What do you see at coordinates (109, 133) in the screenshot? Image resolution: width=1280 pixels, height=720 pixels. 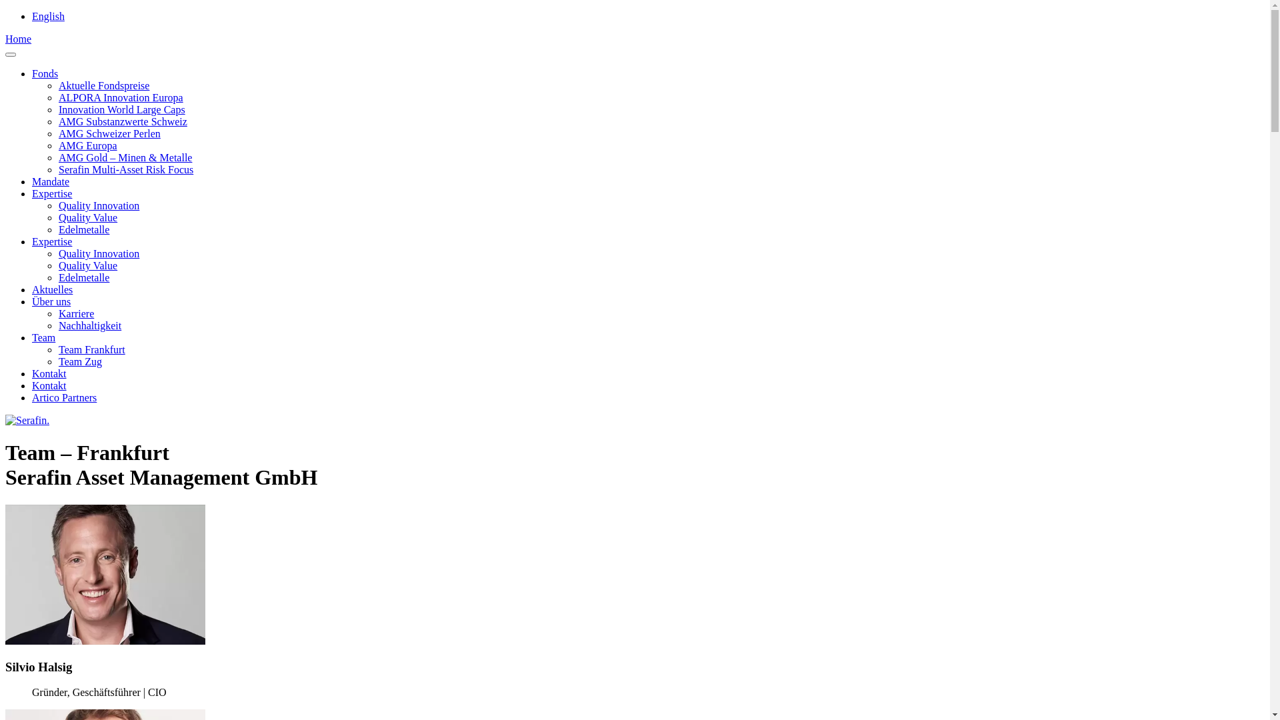 I see `'AMG Schweizer Perlen'` at bounding box center [109, 133].